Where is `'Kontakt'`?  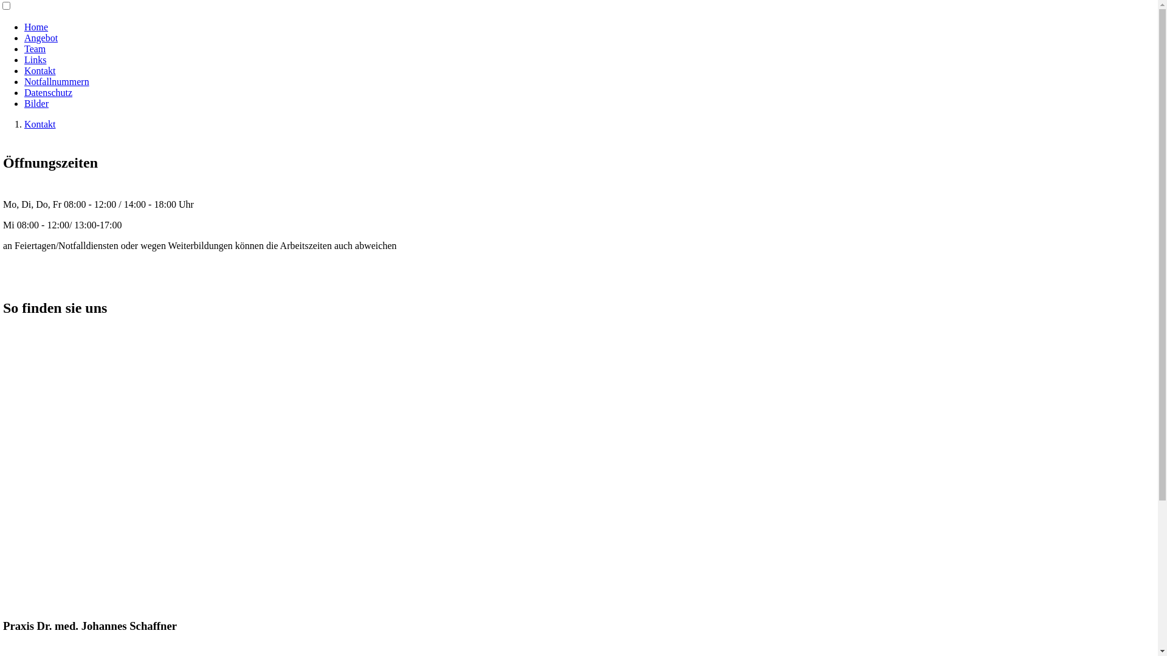 'Kontakt' is located at coordinates (40, 70).